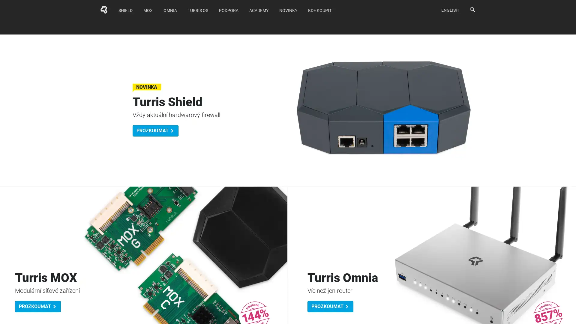 The image size is (576, 324). Describe the element at coordinates (472, 9) in the screenshot. I see `Search icon` at that location.